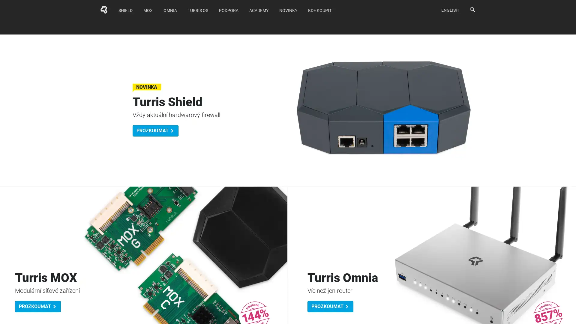 The image size is (576, 324). Describe the element at coordinates (472, 9) in the screenshot. I see `Search icon` at that location.